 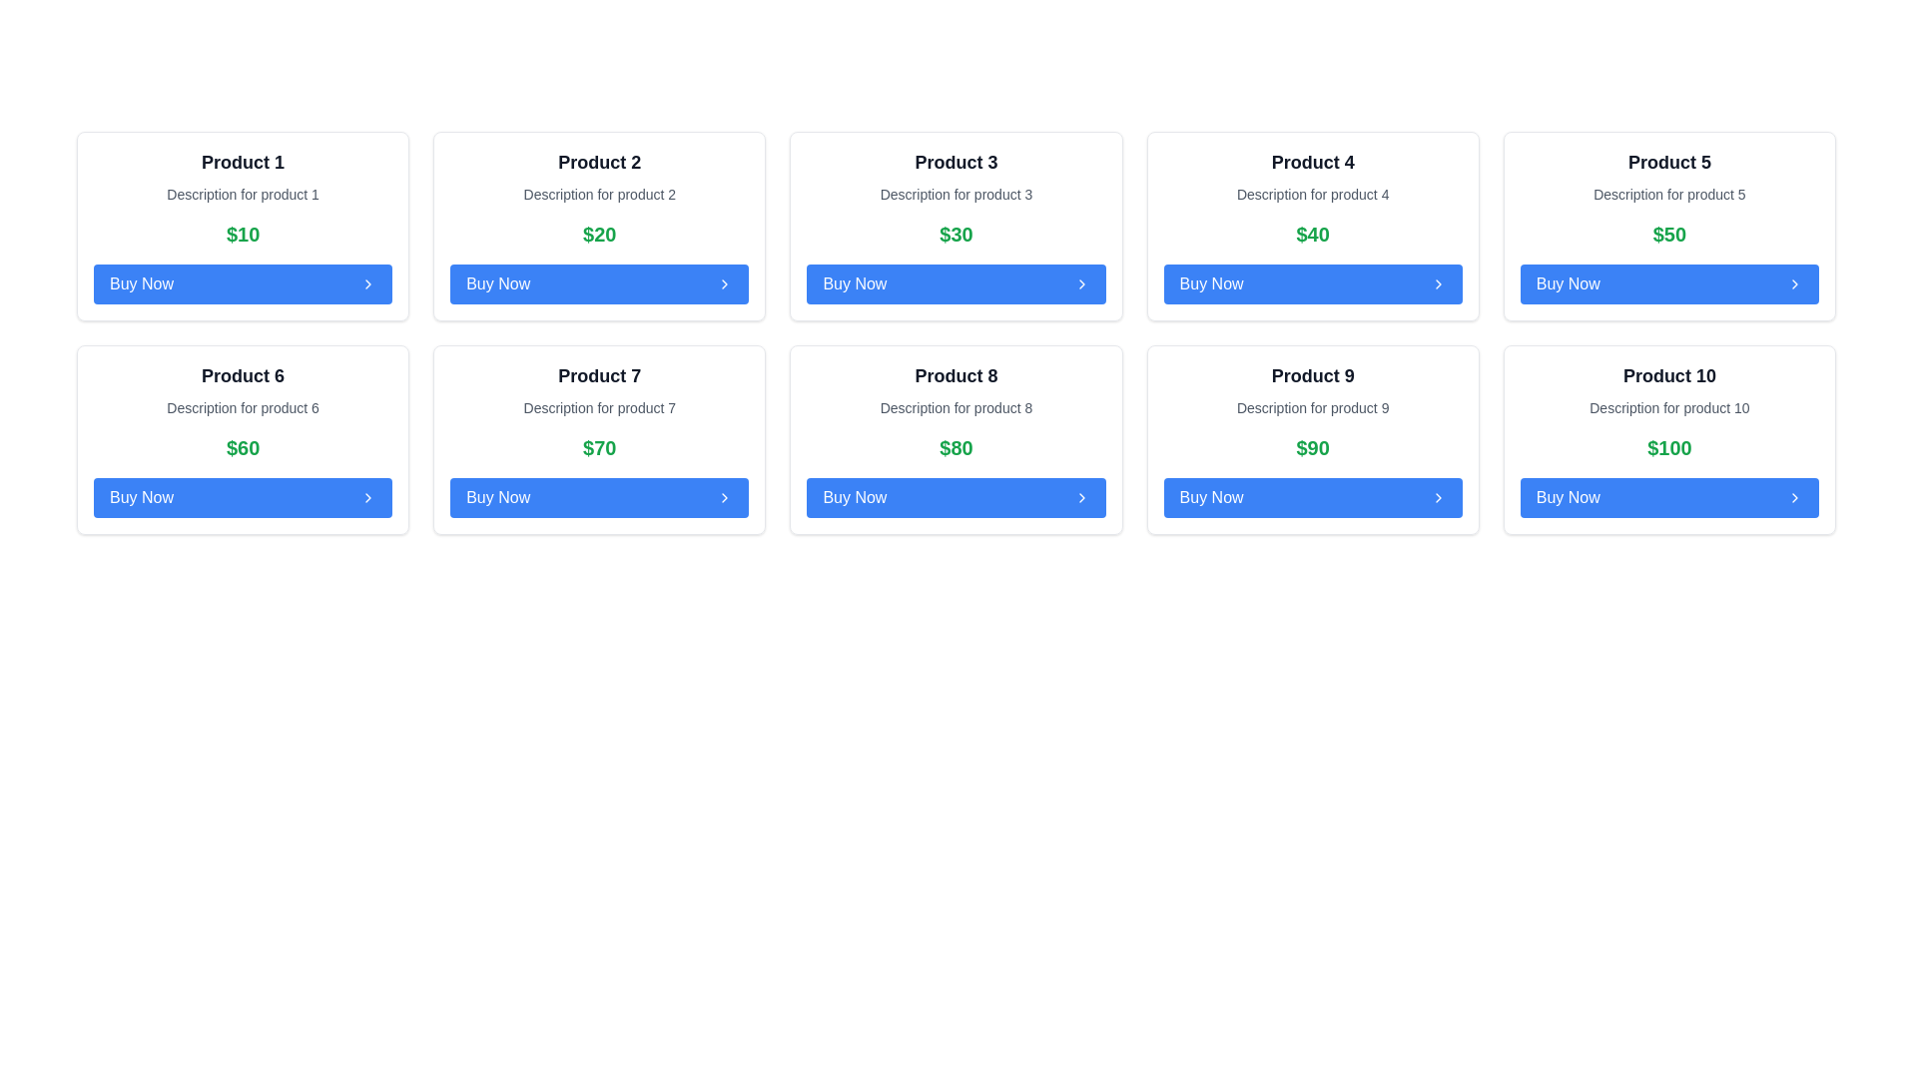 What do you see at coordinates (368, 284) in the screenshot?
I see `the 'Buy Now' button, which contains a right-pointing chevron icon, to initiate the purchase process` at bounding box center [368, 284].